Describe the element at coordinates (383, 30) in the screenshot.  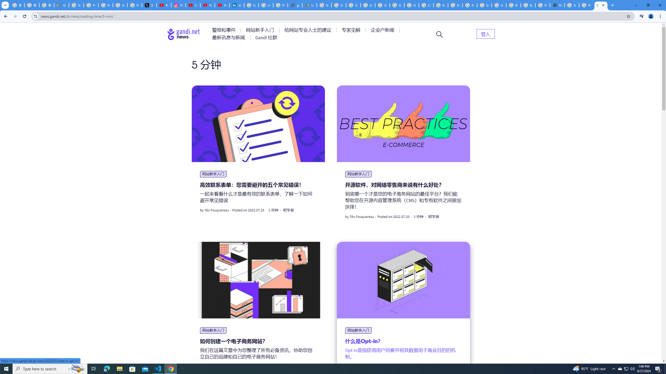
I see `'AutomationID: menu-item-77765'` at that location.